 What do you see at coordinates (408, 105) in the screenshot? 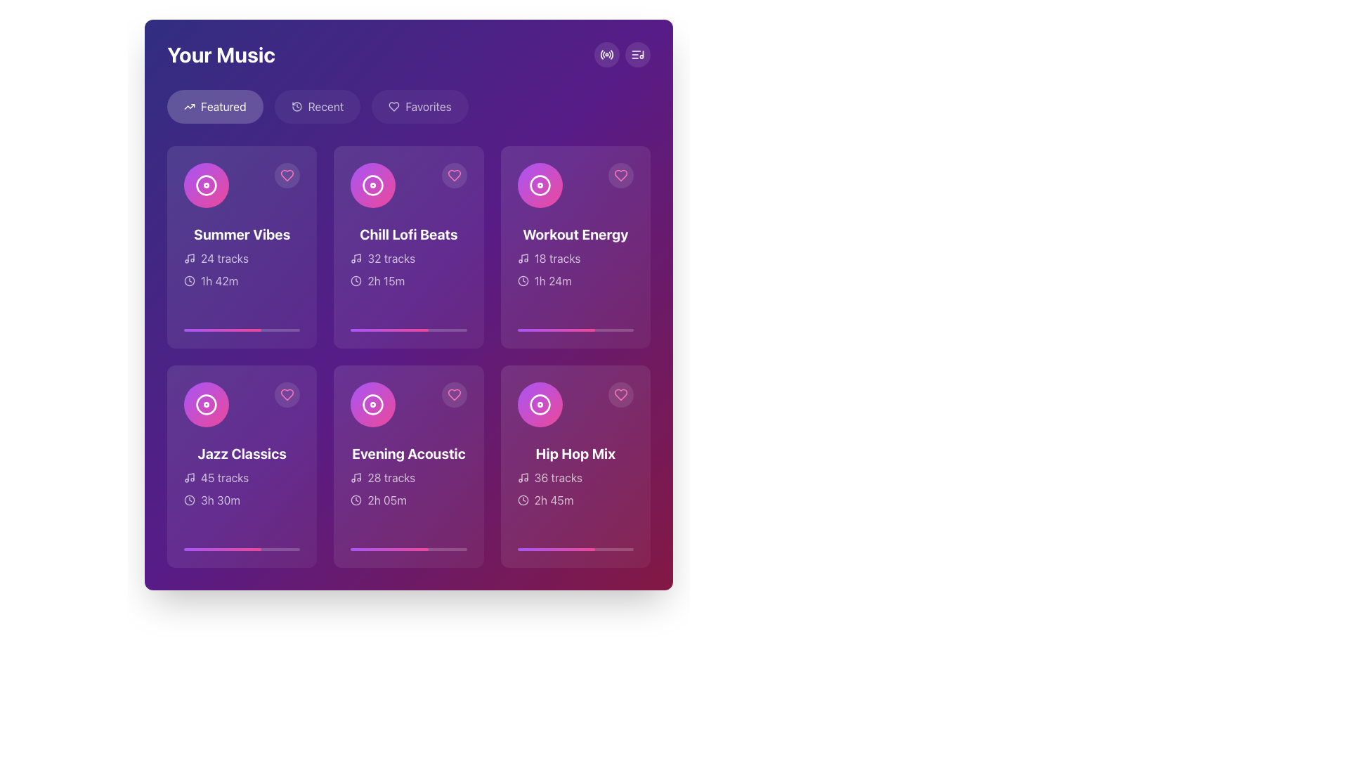
I see `the Navigation group buttons, which includes 'Featured', 'Recent', and 'Favorites'` at bounding box center [408, 105].